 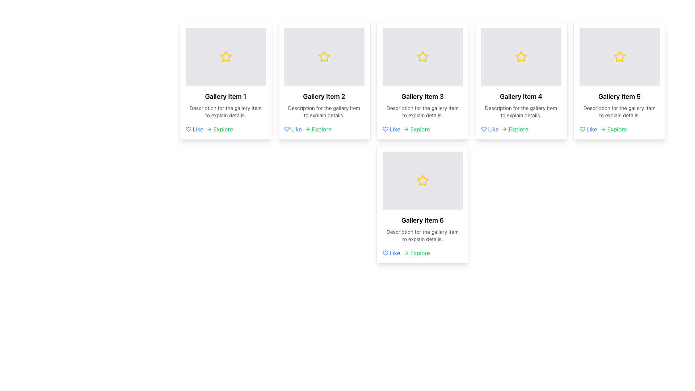 What do you see at coordinates (422, 229) in the screenshot?
I see `contextual information provided in the Text Block for 'Gallery Item 6', which is located in the sixth card of the grid, positioned below the yellow star icon and above the 'Like' and 'Explore' buttons` at bounding box center [422, 229].